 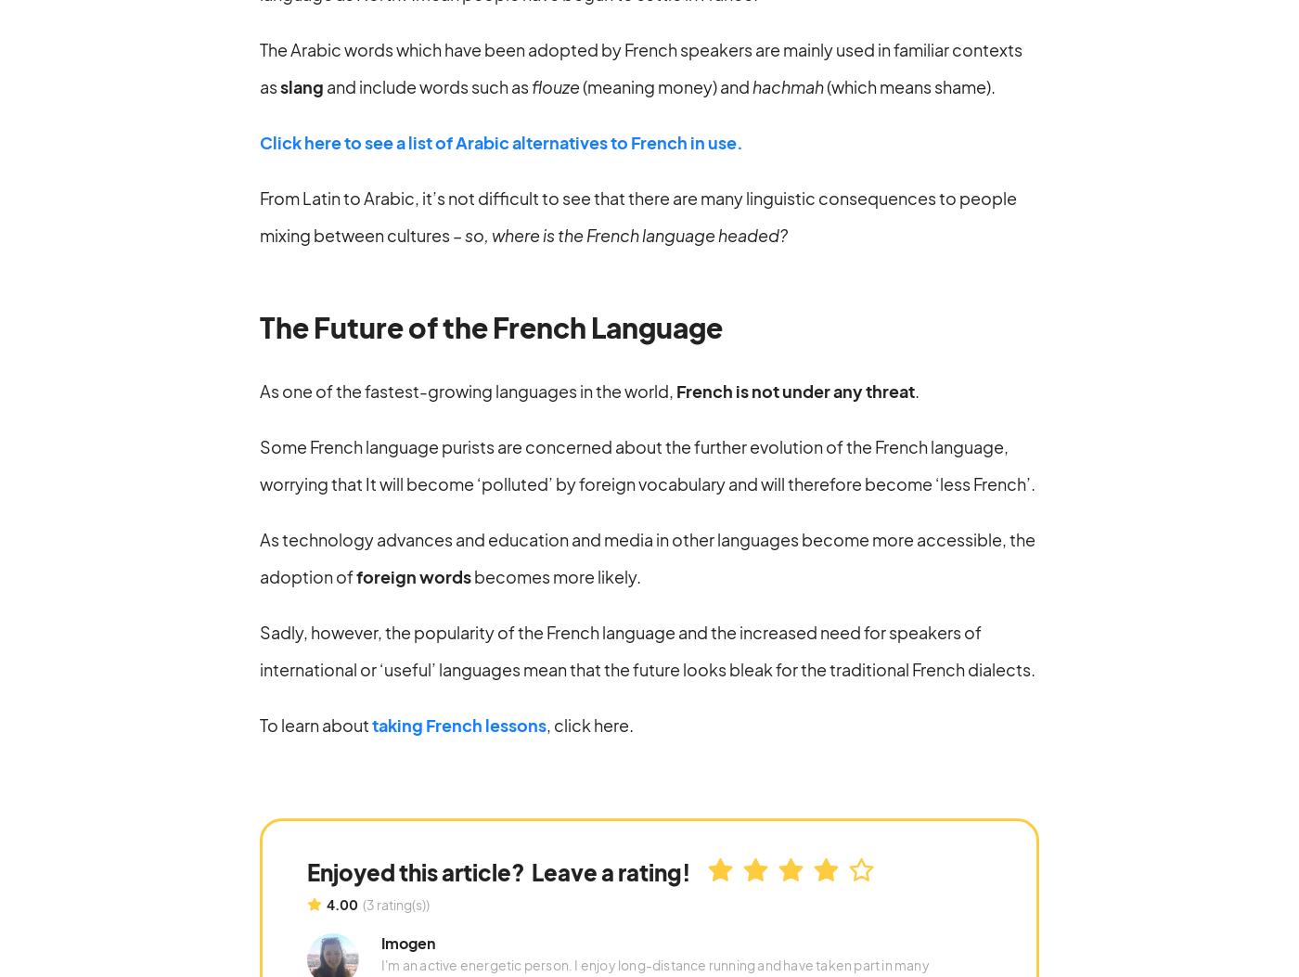 I want to click on 'Leave a rating!', so click(x=611, y=869).